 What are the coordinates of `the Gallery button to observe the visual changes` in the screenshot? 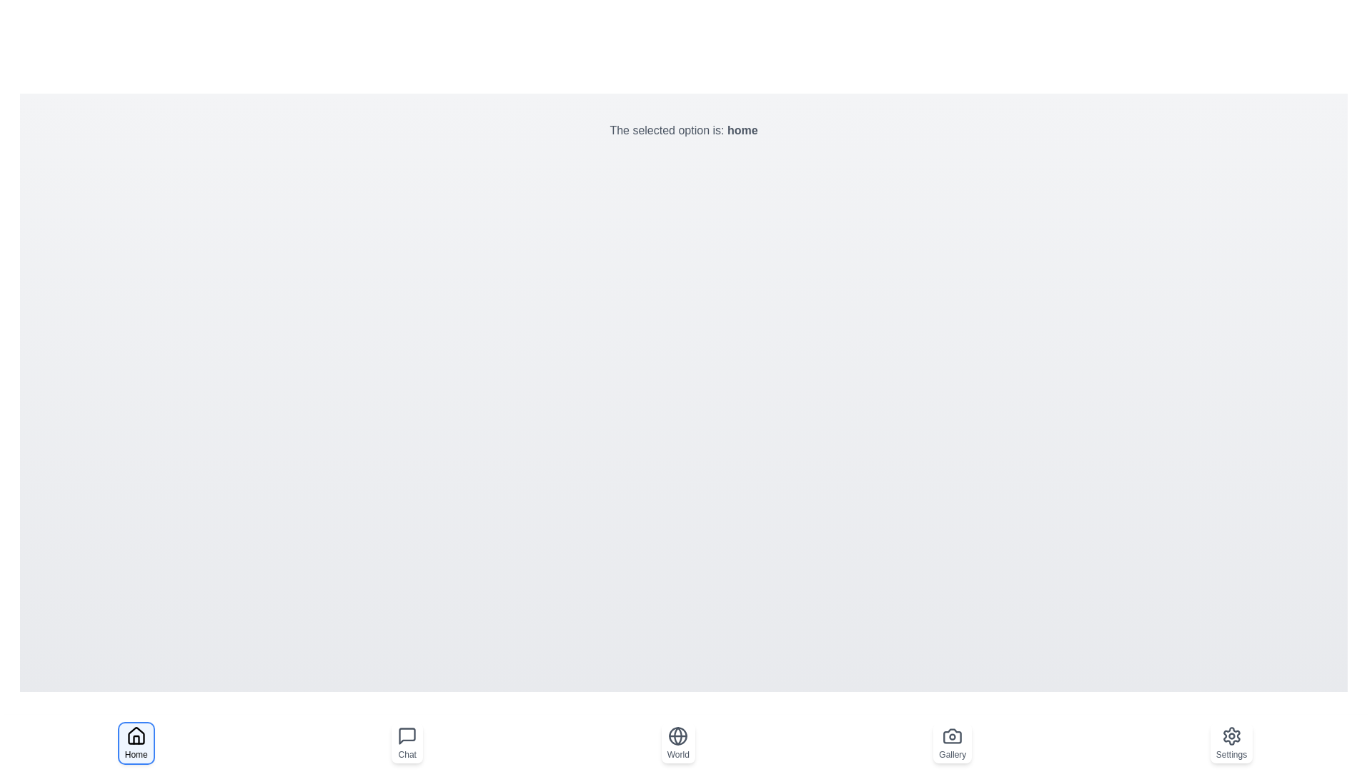 It's located at (953, 743).